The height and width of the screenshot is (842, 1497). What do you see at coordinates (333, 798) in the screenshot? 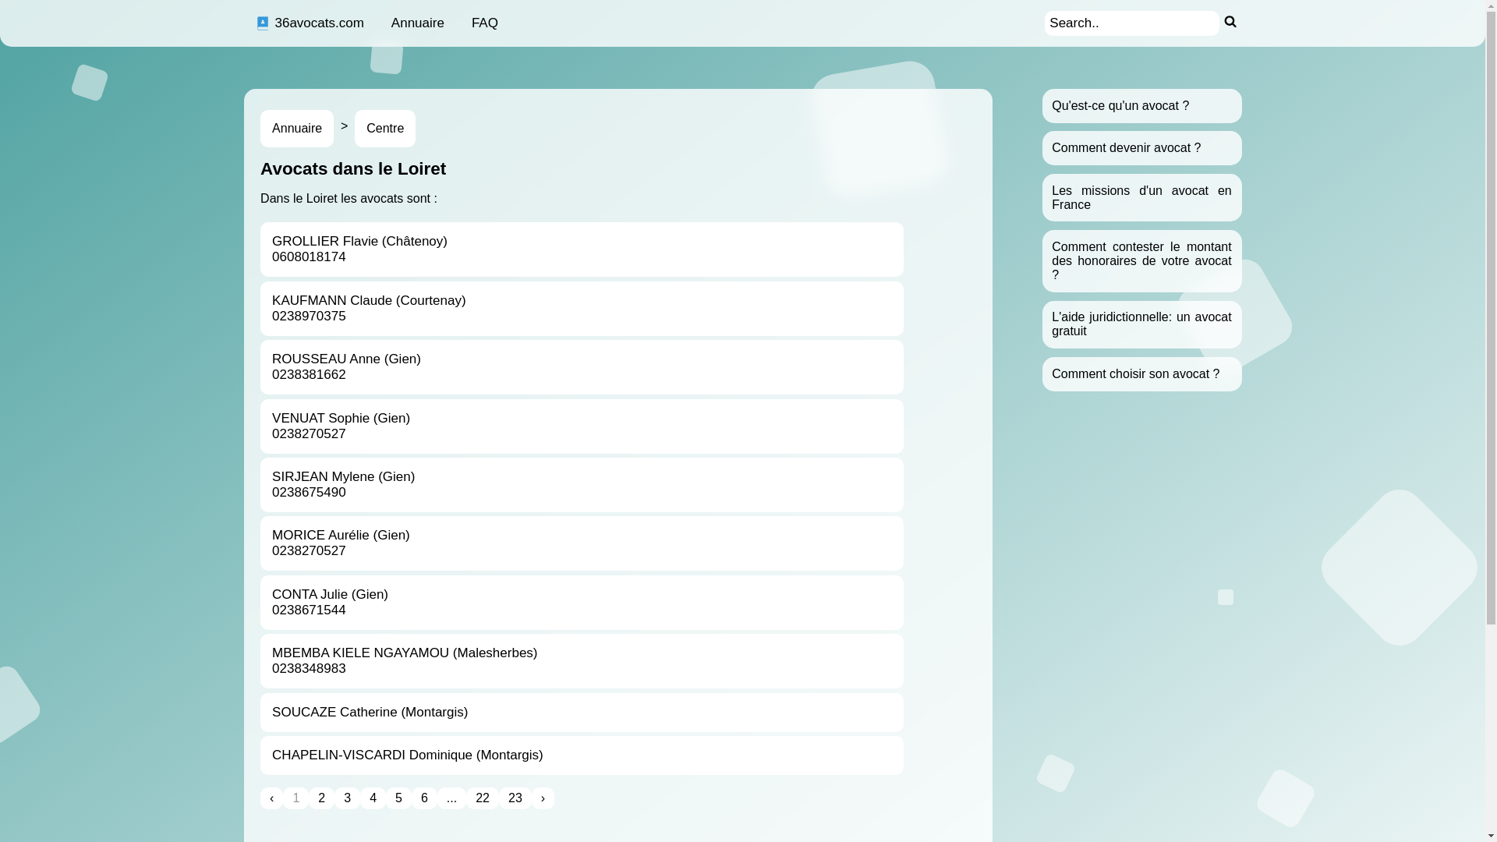
I see `'3'` at bounding box center [333, 798].